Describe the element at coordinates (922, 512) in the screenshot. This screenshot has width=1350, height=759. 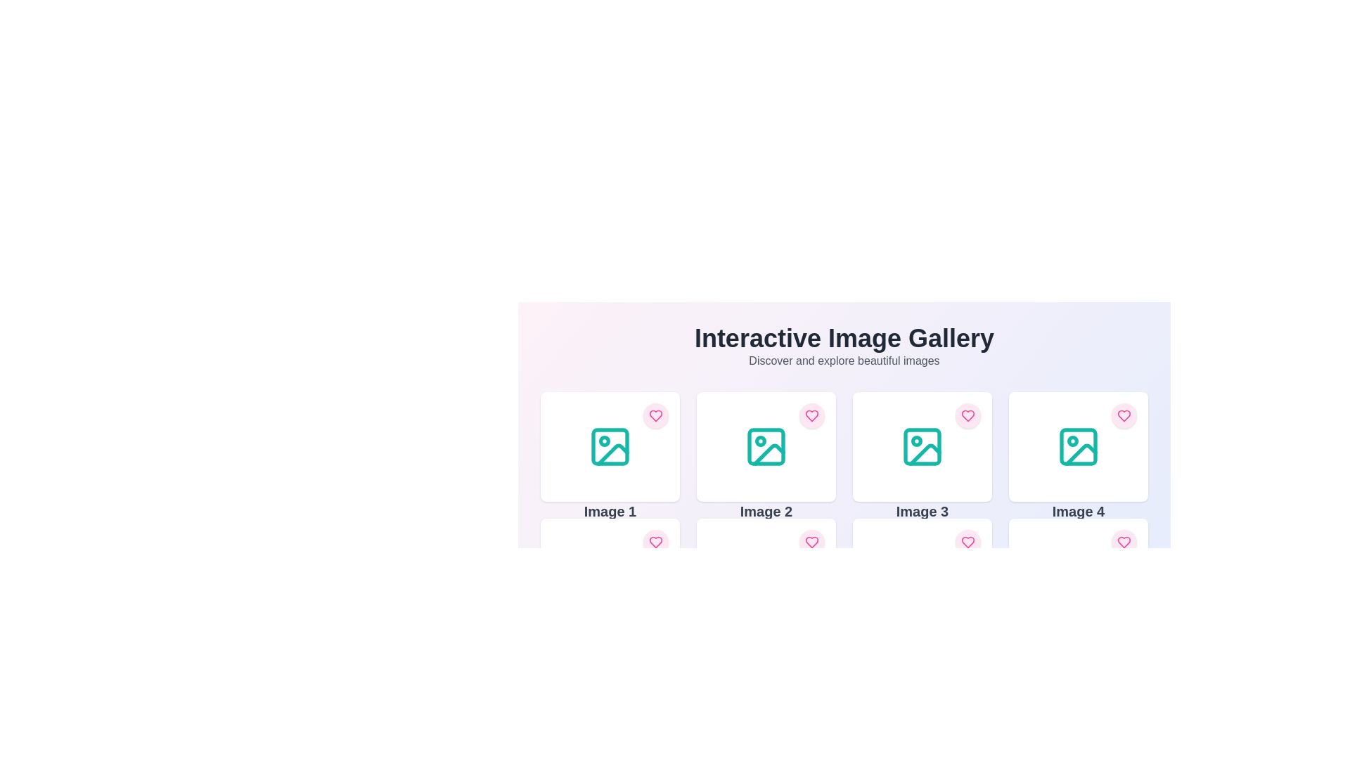
I see `text label that says 'Image 3', which is positioned below the image thumbnail in the third card of a horizontally arranged grid` at that location.